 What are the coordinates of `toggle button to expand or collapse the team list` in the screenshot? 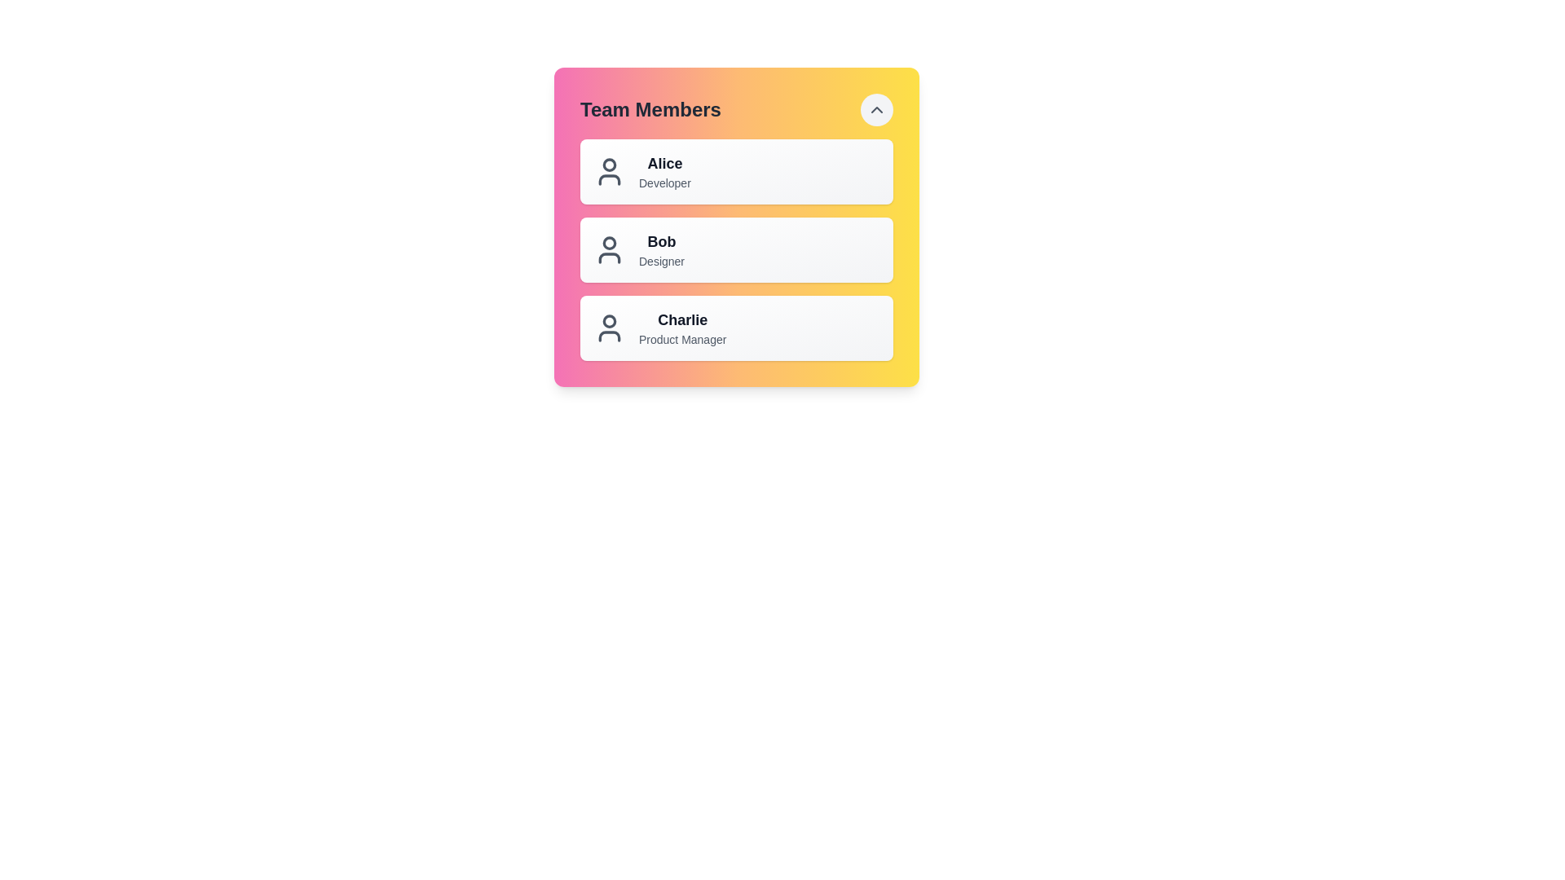 It's located at (875, 110).